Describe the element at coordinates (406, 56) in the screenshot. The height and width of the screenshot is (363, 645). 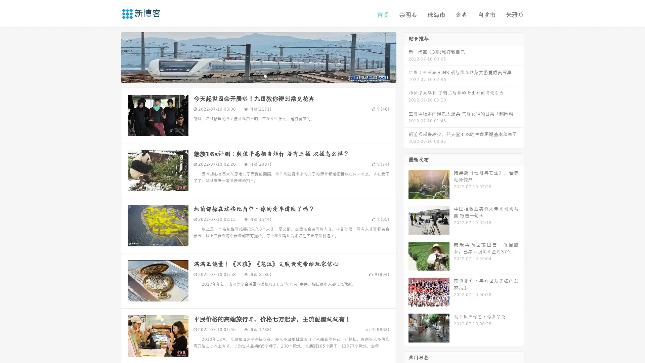
I see `Next slide` at that location.